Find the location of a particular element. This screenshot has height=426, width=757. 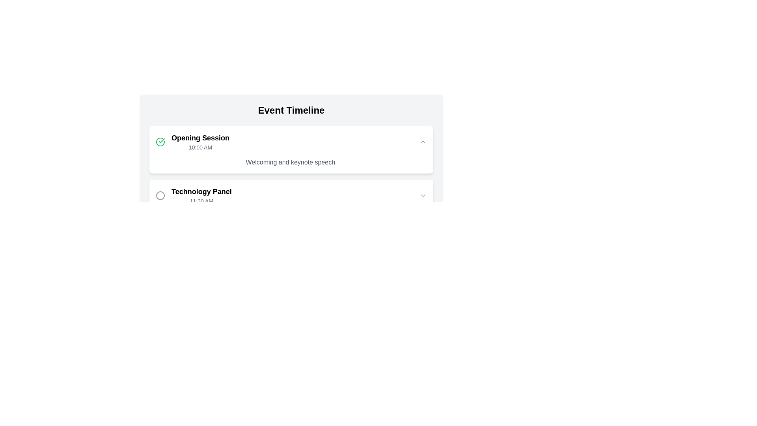

the second Timeline Event Block labeled 'Technology Panel' is located at coordinates (291, 206).